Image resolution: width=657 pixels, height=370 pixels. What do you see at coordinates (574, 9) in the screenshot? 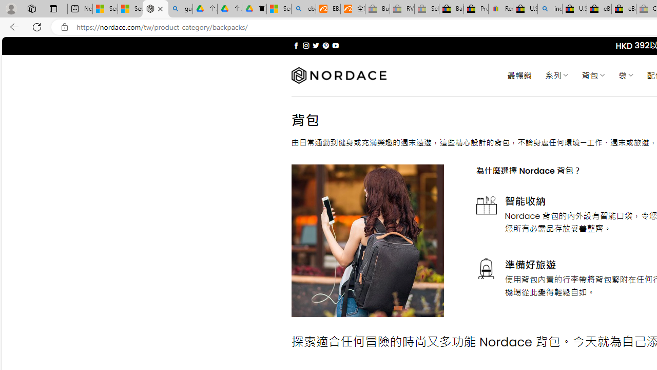
I see `'U.S. State Privacy Disclosures - eBay Inc.'` at bounding box center [574, 9].